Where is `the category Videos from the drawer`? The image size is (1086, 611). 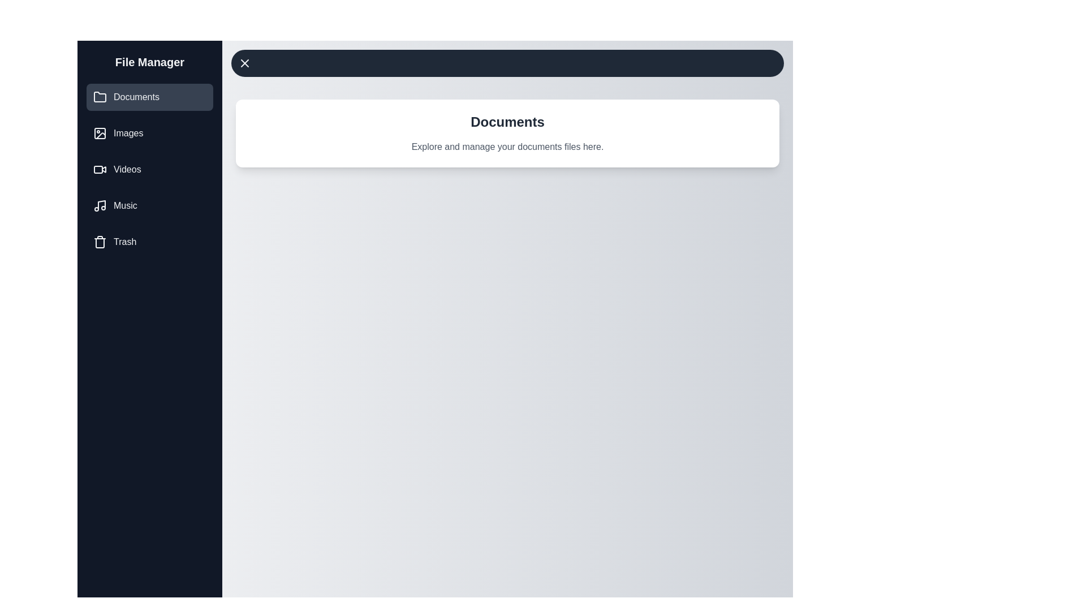 the category Videos from the drawer is located at coordinates (149, 170).